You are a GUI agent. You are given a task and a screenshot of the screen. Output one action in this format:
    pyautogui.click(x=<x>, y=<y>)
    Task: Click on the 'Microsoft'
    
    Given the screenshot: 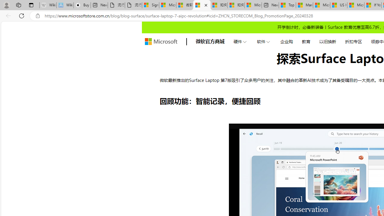 What is the action you would take?
    pyautogui.click(x=161, y=41)
    